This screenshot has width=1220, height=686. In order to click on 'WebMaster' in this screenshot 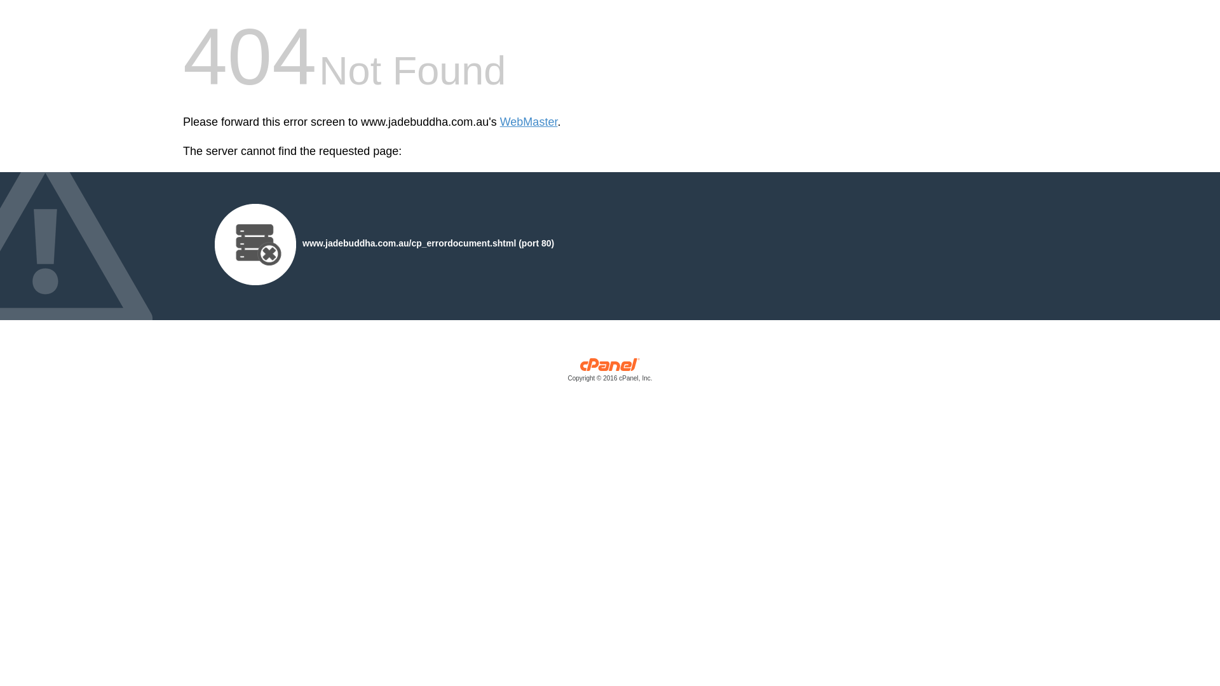, I will do `click(529, 122)`.